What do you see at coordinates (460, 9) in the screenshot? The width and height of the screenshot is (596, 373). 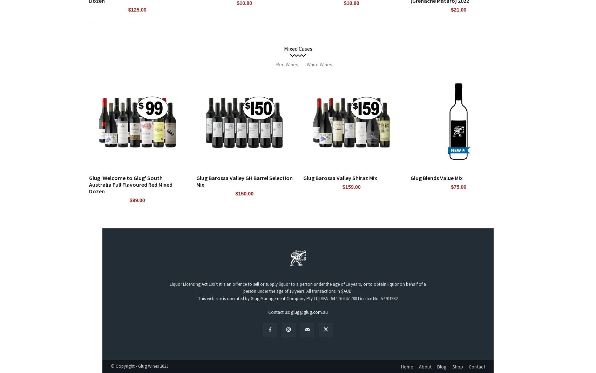 I see `'21.00'` at bounding box center [460, 9].